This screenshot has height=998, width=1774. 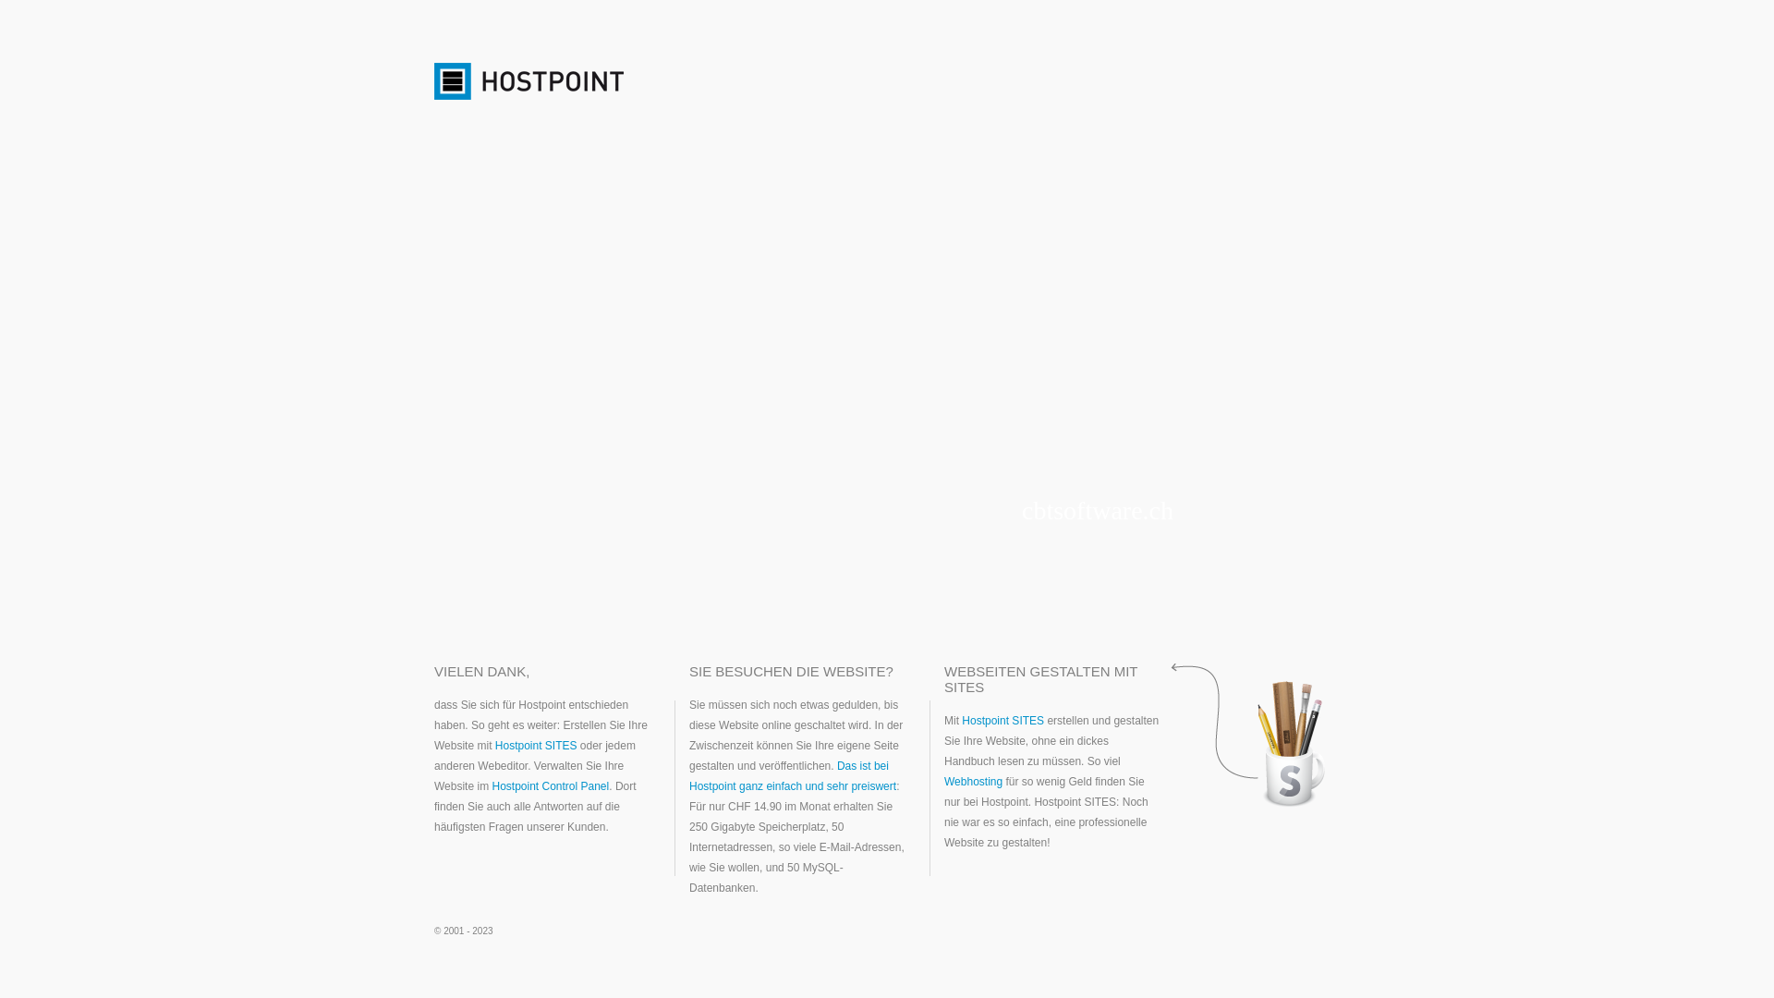 What do you see at coordinates (972, 781) in the screenshot?
I see `'Webhosting'` at bounding box center [972, 781].